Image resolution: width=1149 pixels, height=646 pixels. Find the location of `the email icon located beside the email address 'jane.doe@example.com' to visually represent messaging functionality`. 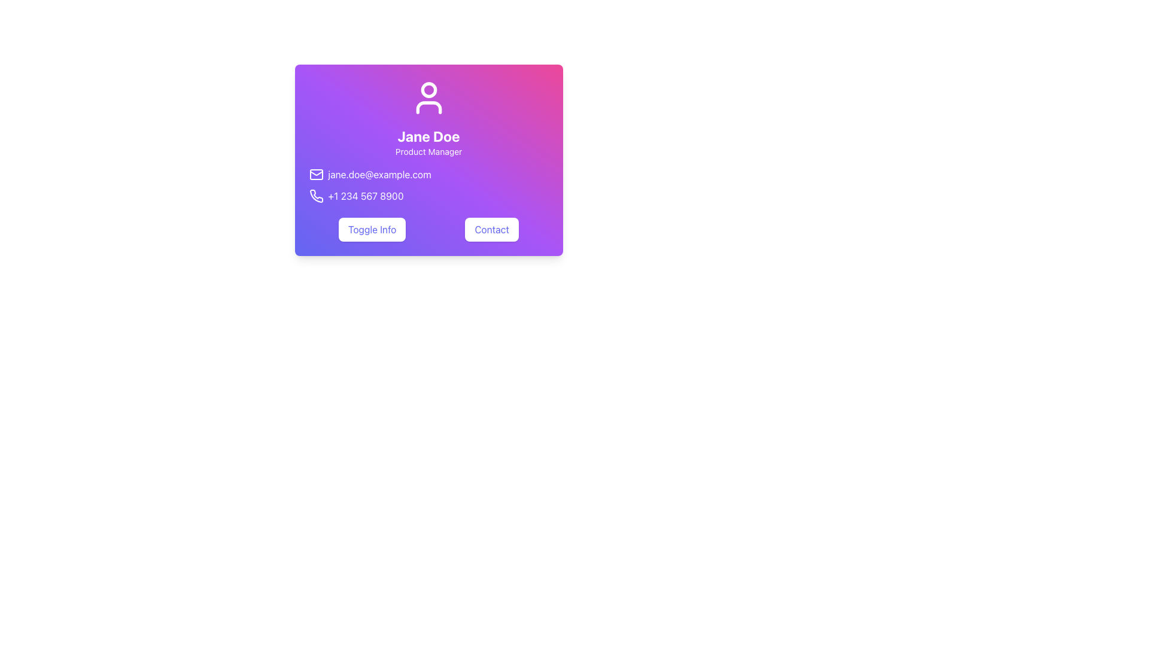

the email icon located beside the email address 'jane.doe@example.com' to visually represent messaging functionality is located at coordinates (316, 175).